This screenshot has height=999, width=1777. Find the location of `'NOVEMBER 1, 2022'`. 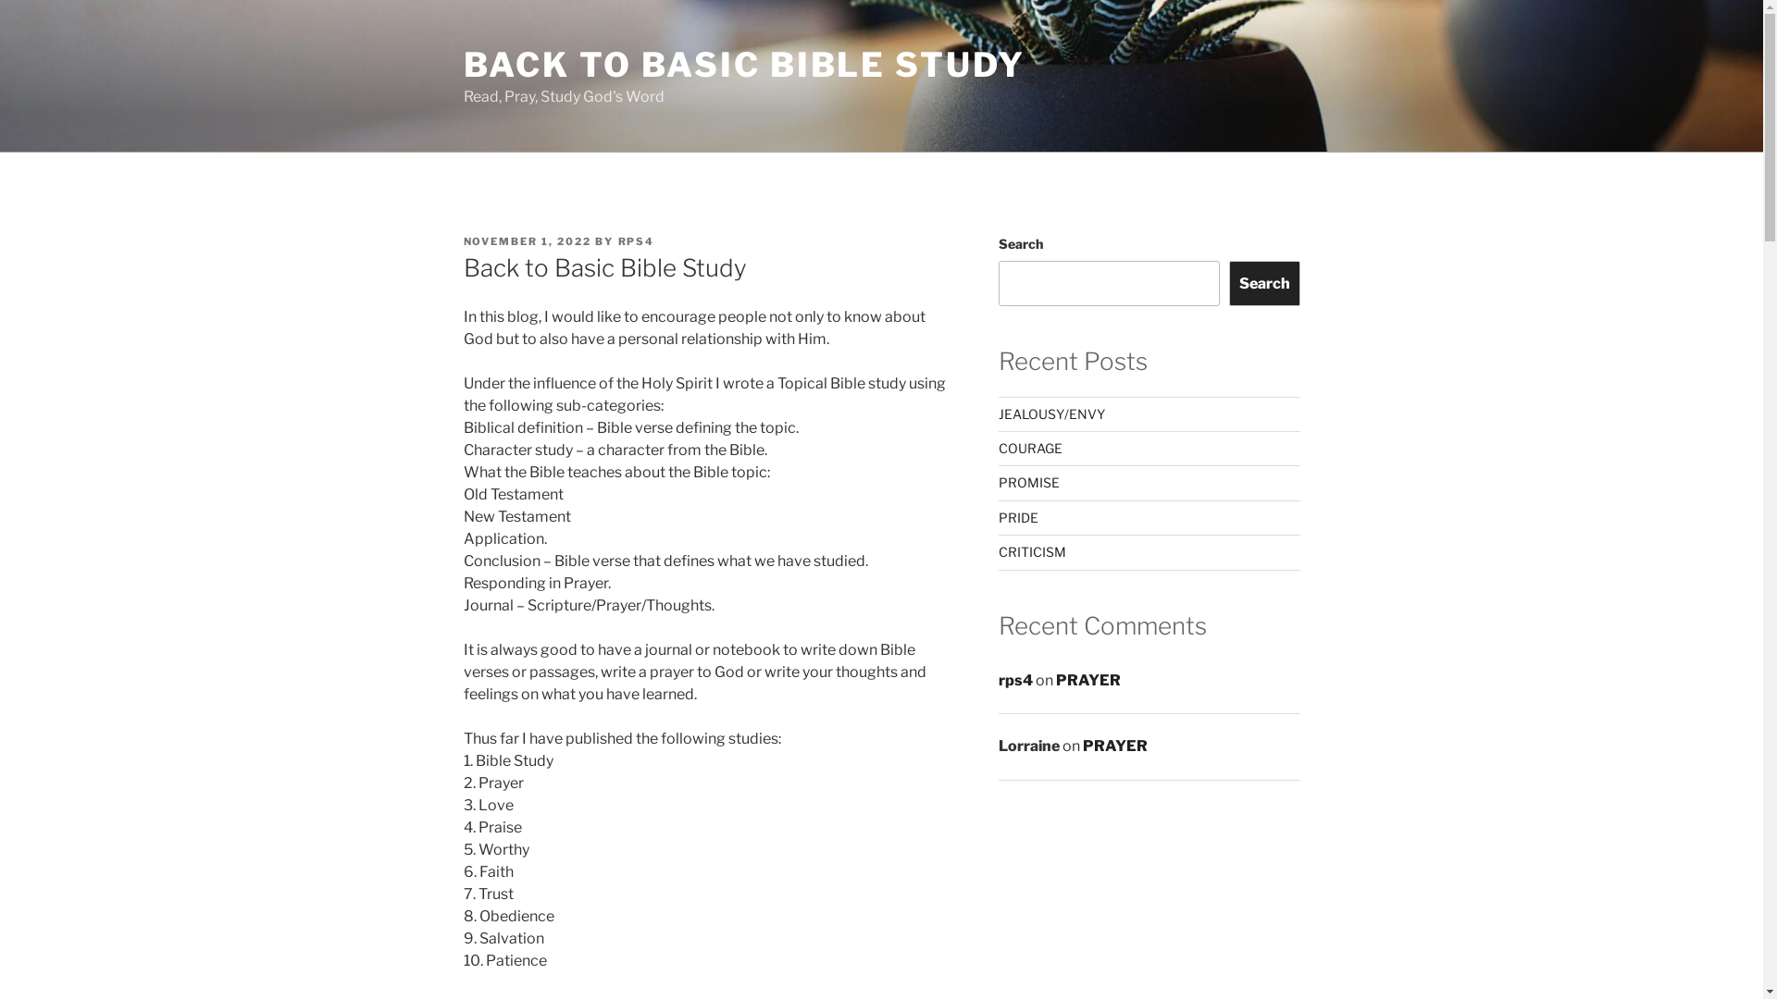

'NOVEMBER 1, 2022' is located at coordinates (526, 240).